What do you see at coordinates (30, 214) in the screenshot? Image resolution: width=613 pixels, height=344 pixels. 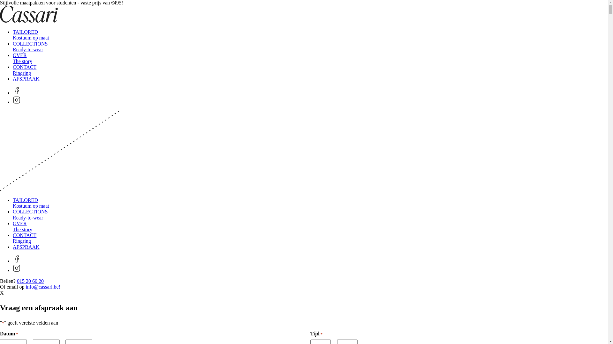 I see `'COLLECTIONS` at bounding box center [30, 214].